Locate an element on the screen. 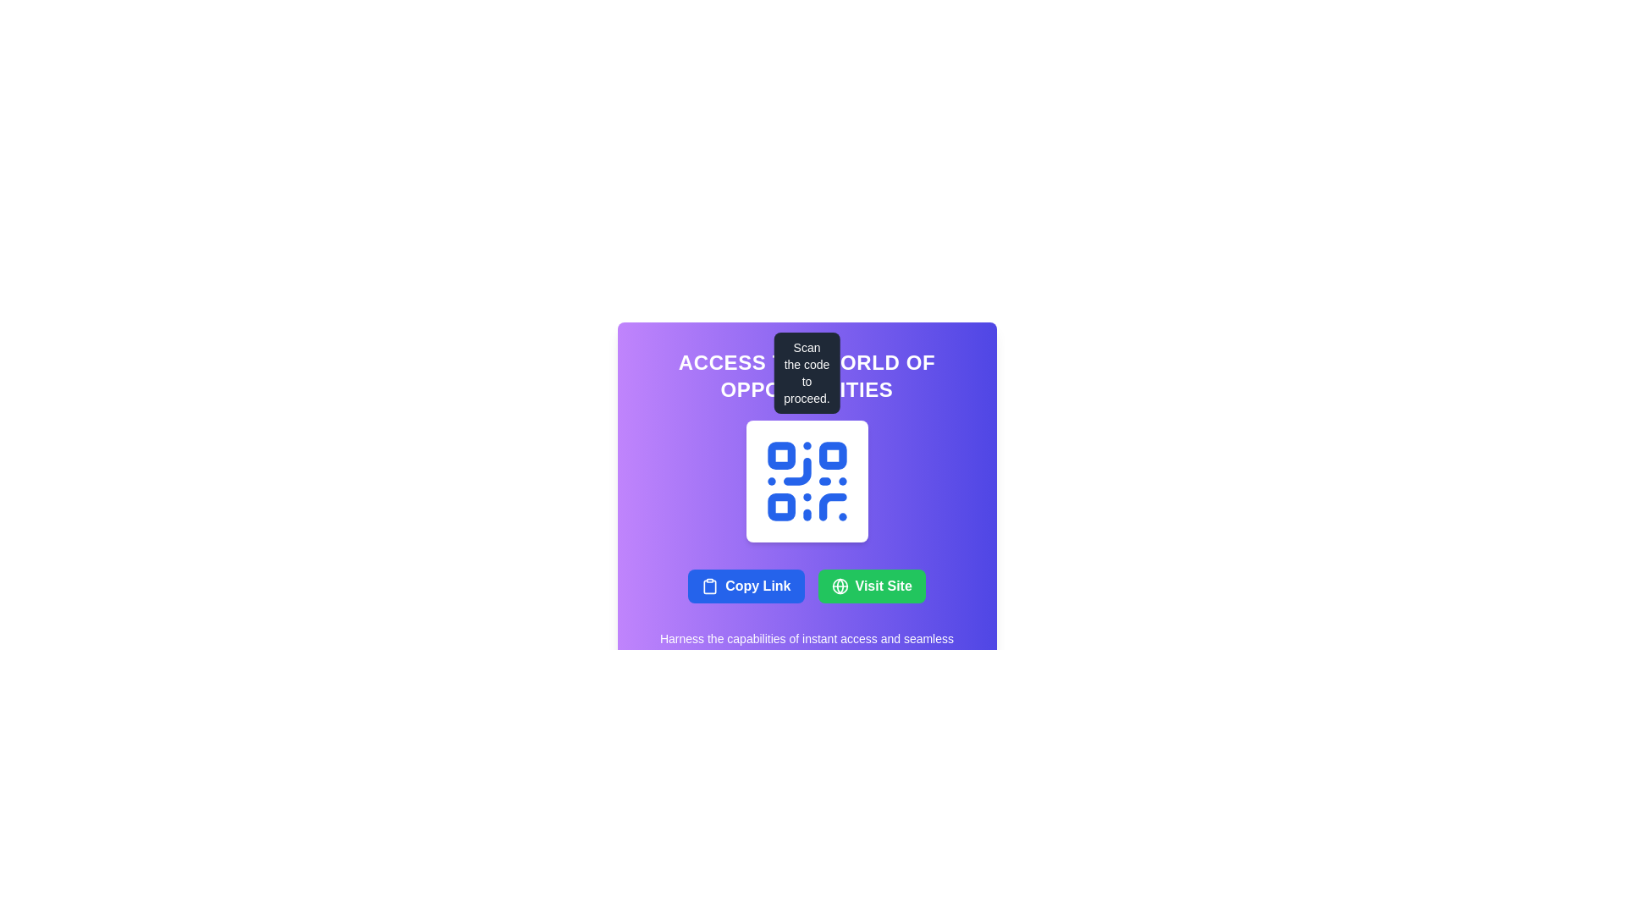 The height and width of the screenshot is (914, 1625). the rectangular vector graphic element located in the bottom-left area of the QR code, which contributes to its distinctive design is located at coordinates (780, 506).